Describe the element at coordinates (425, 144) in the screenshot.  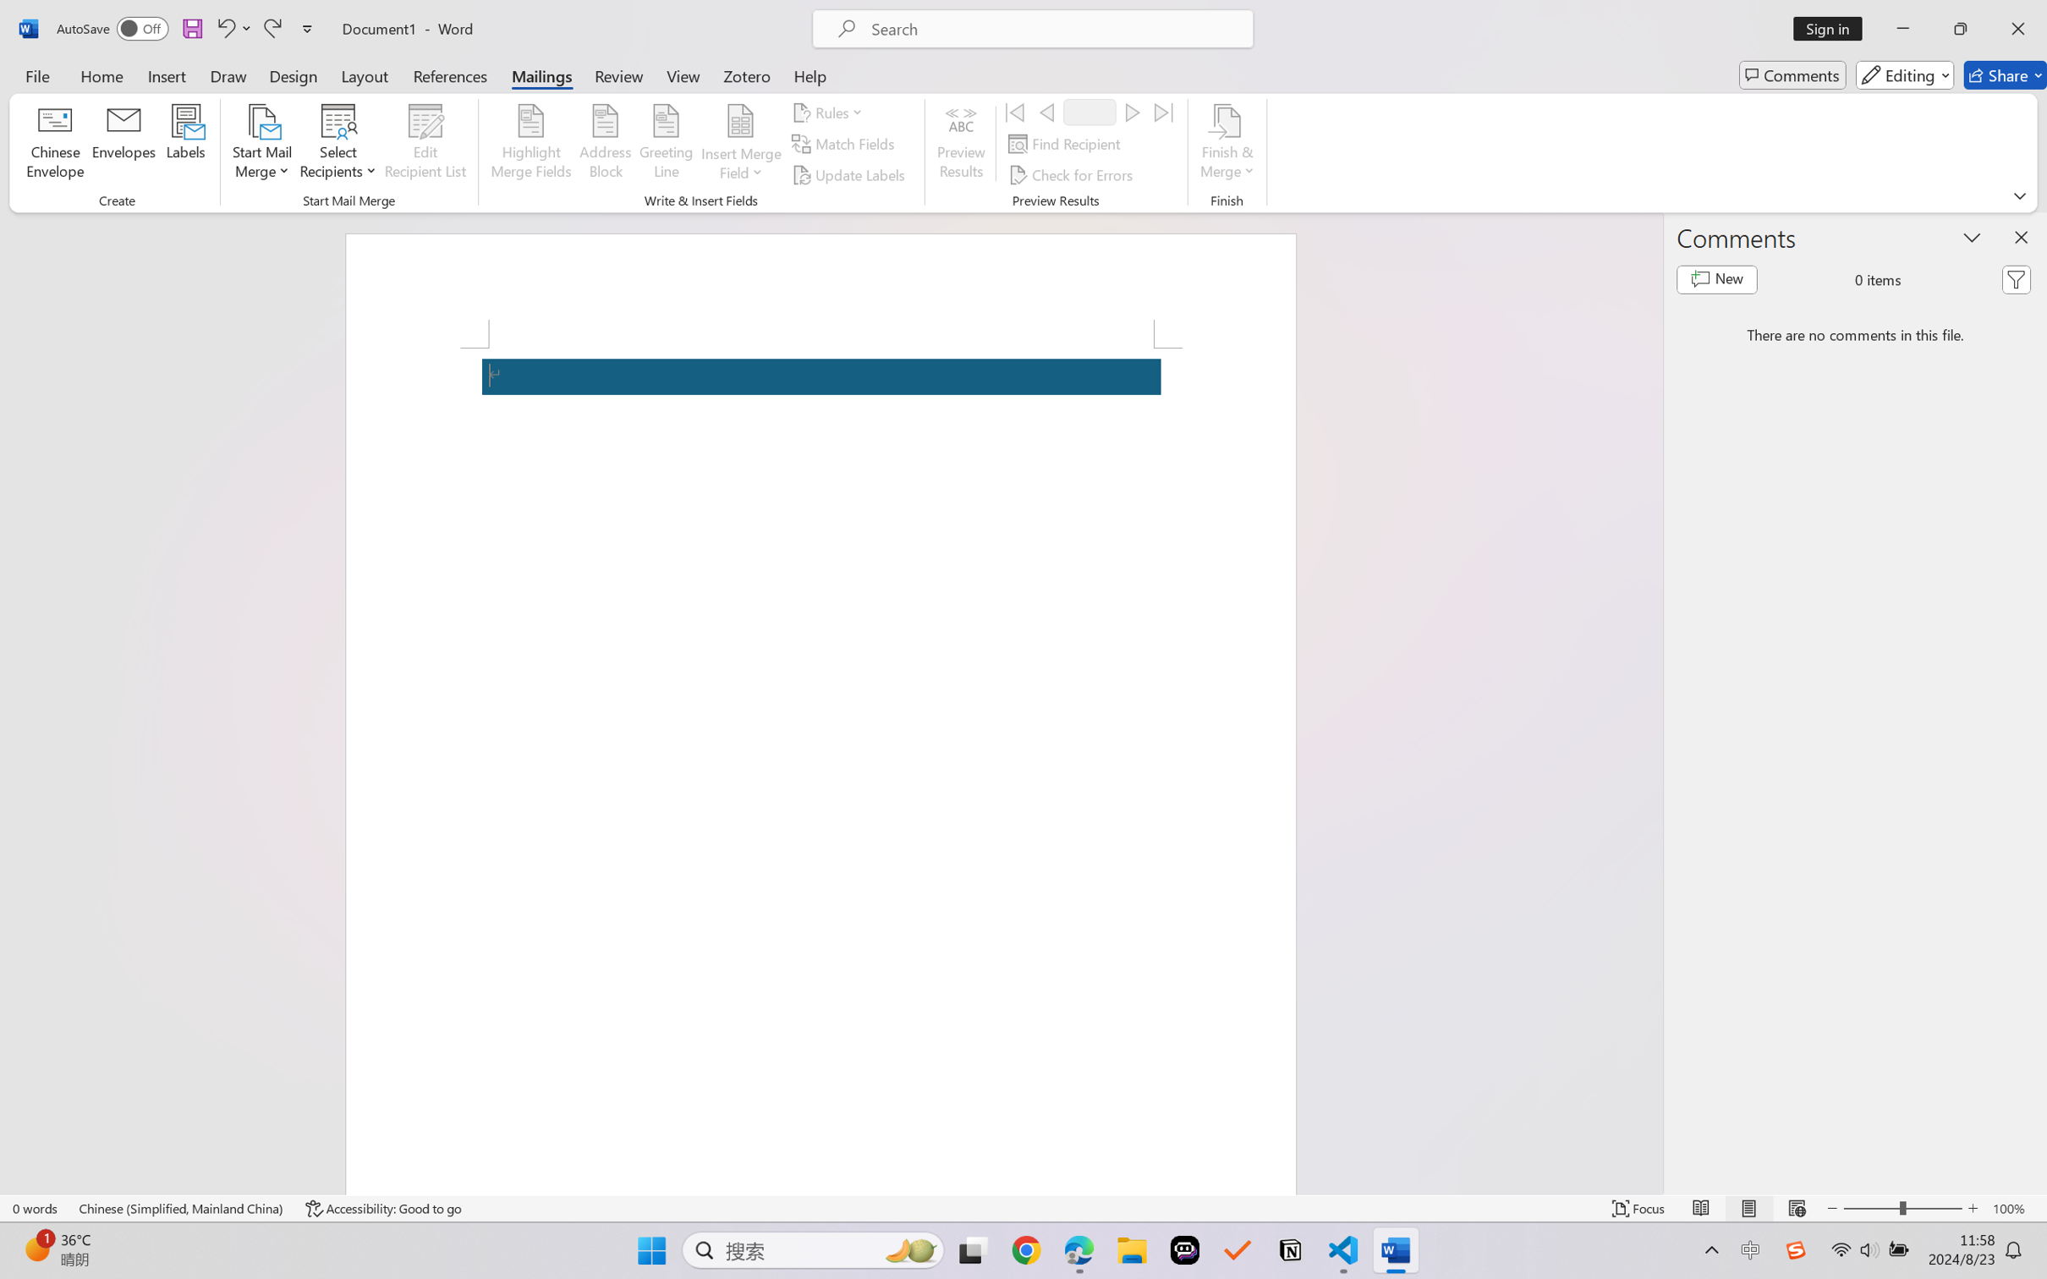
I see `'Edit Recipient List...'` at that location.